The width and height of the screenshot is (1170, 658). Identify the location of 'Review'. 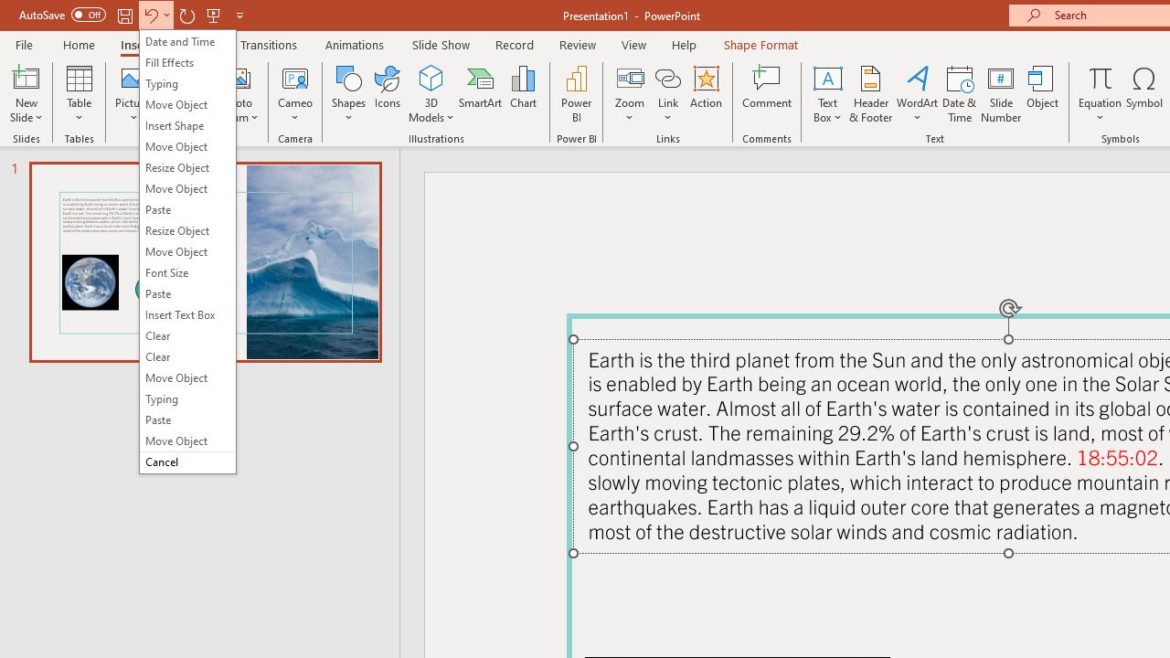
(576, 44).